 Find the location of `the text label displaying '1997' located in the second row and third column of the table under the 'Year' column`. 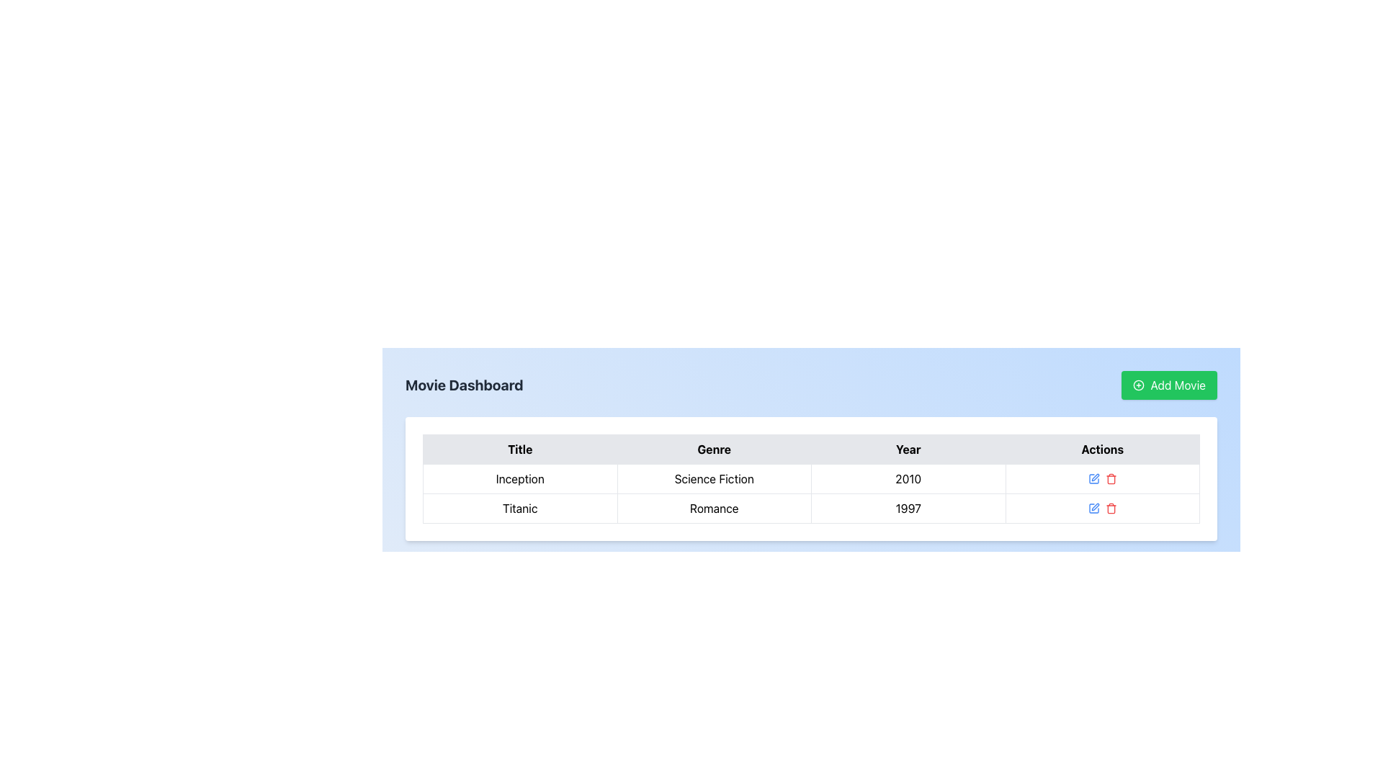

the text label displaying '1997' located in the second row and third column of the table under the 'Year' column is located at coordinates (908, 507).